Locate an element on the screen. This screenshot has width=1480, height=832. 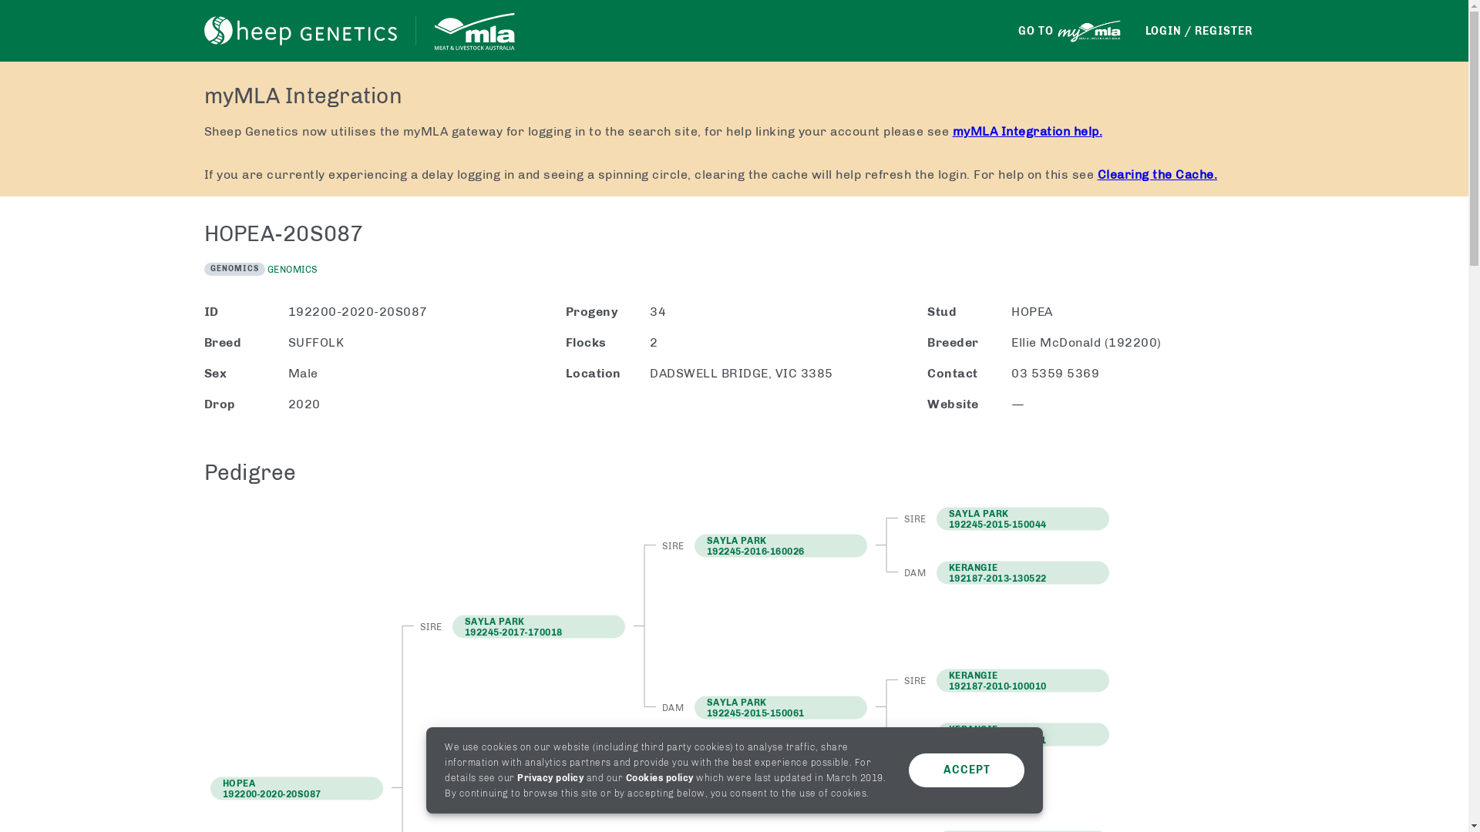
'ACCEPT' is located at coordinates (964, 770).